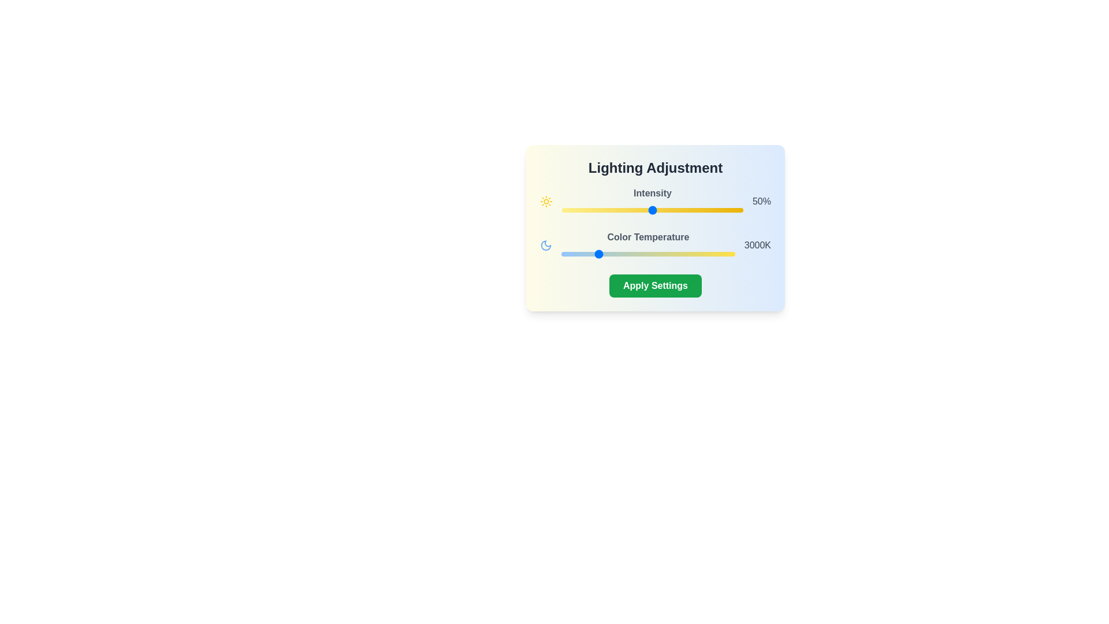 The width and height of the screenshot is (1109, 624). Describe the element at coordinates (645, 210) in the screenshot. I see `the intensity slider to set the lighting intensity to 46%` at that location.